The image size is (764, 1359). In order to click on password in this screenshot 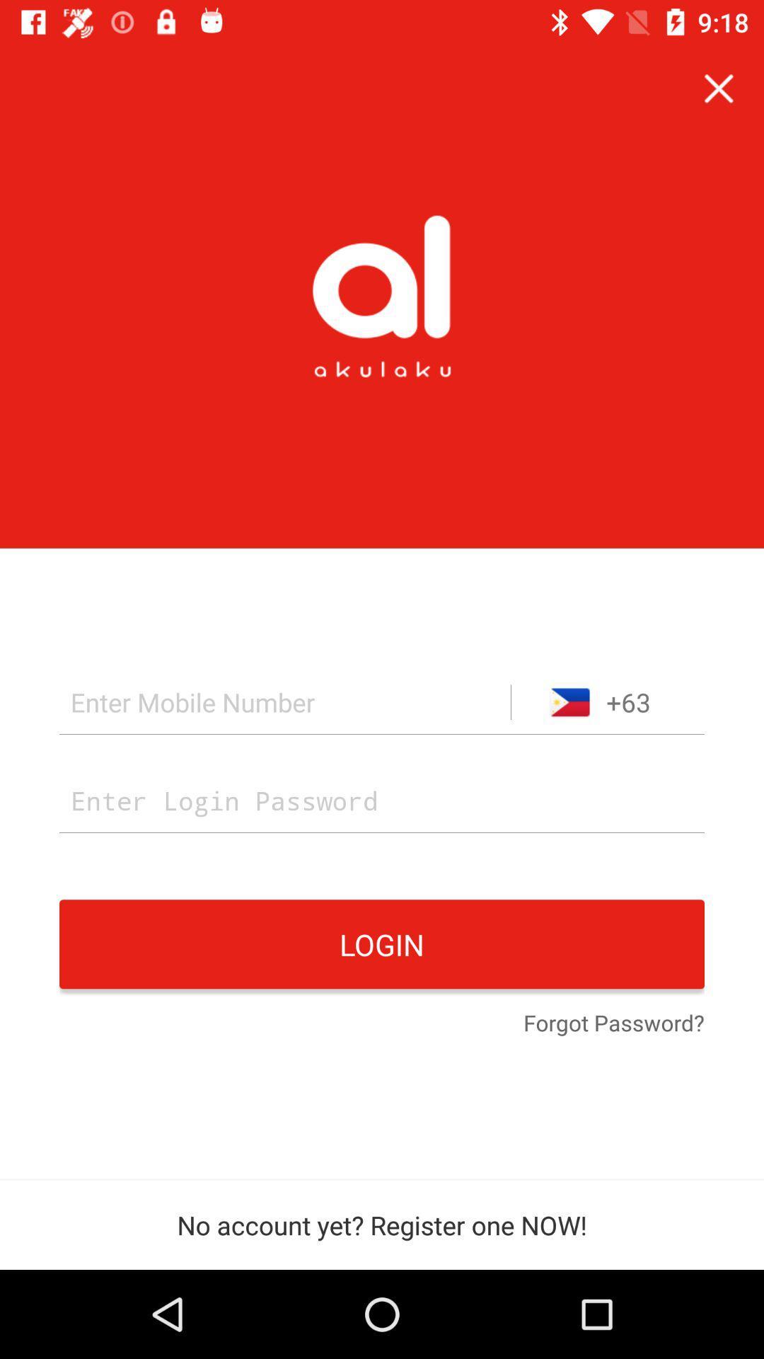, I will do `click(382, 801)`.